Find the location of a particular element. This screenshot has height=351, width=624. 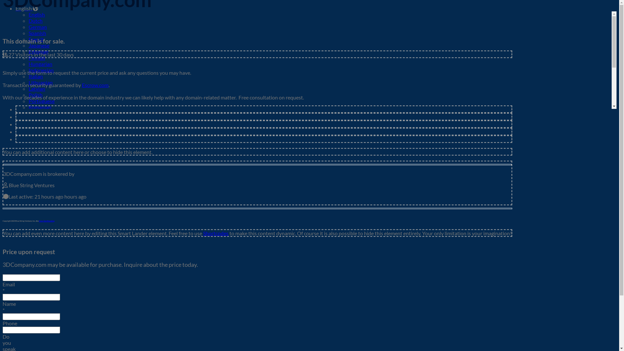

'Russian' is located at coordinates (37, 113).